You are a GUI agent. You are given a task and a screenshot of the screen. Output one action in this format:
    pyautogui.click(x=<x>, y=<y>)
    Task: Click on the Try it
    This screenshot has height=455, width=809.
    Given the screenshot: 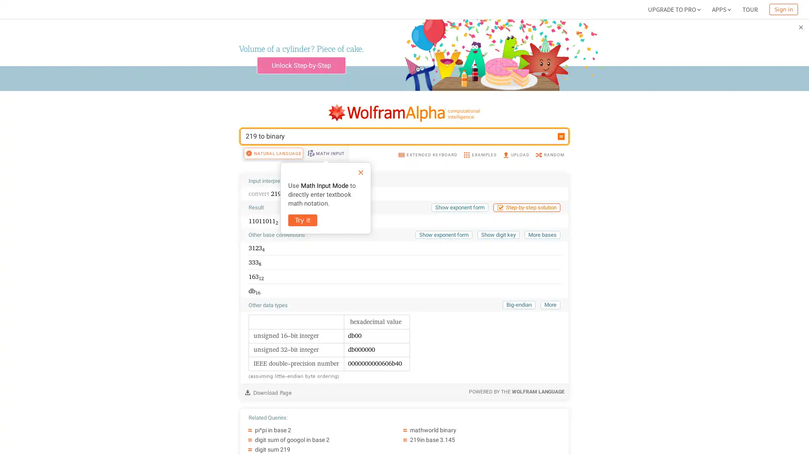 What is the action you would take?
    pyautogui.click(x=303, y=237)
    